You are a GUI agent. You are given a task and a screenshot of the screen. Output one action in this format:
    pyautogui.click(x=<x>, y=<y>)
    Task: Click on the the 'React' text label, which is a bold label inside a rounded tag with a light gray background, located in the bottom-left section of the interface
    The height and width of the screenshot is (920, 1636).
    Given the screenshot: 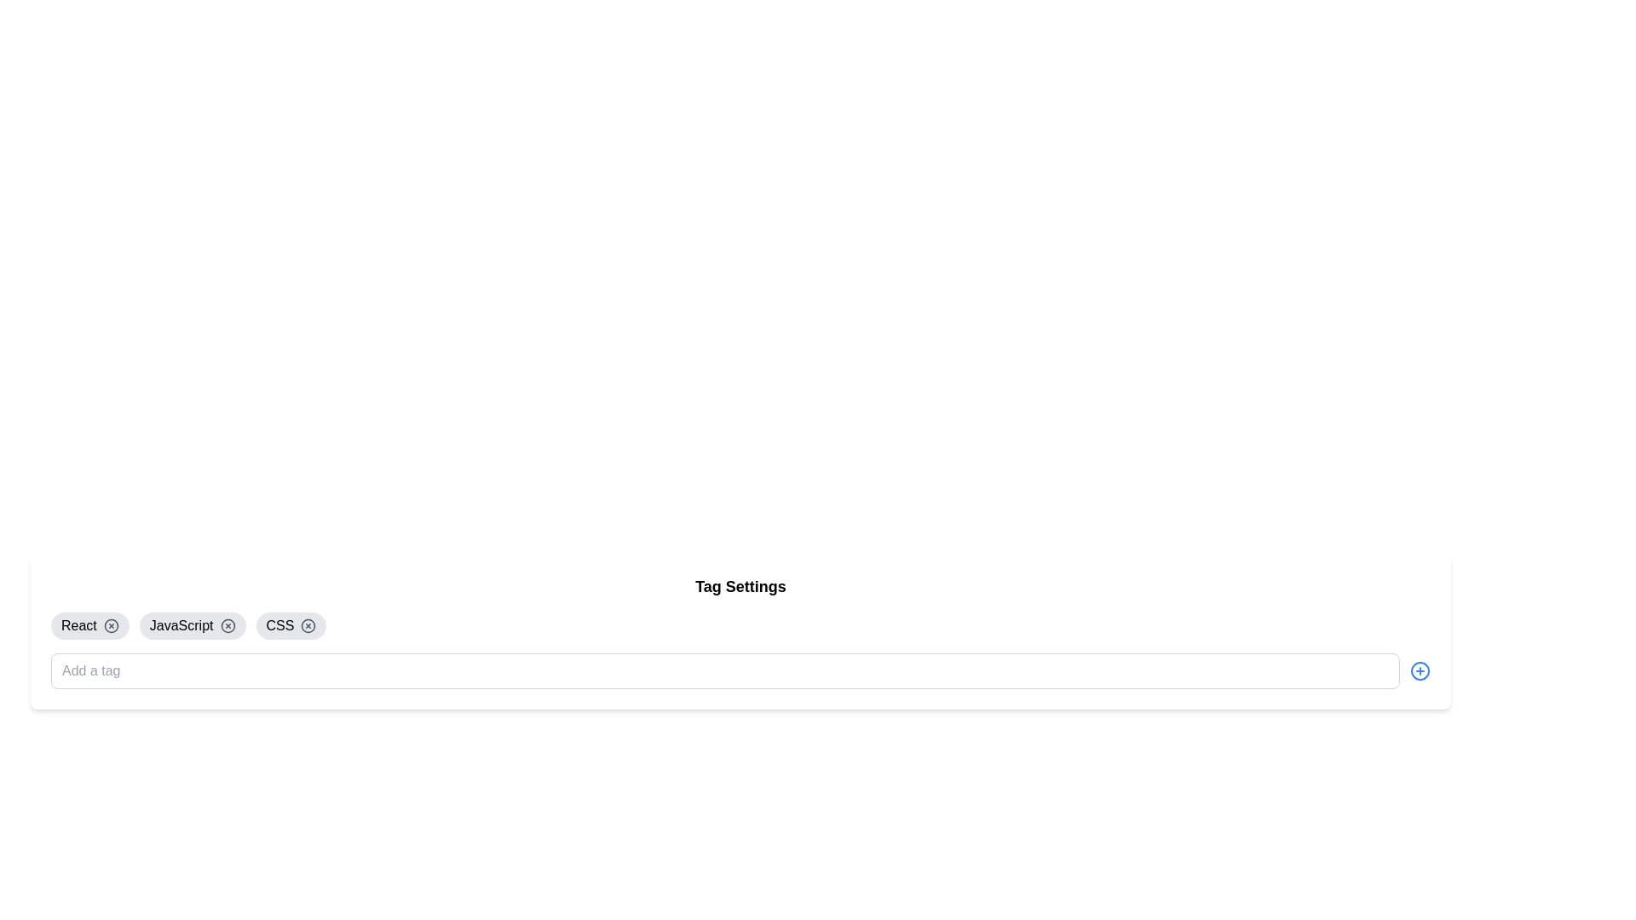 What is the action you would take?
    pyautogui.click(x=78, y=626)
    